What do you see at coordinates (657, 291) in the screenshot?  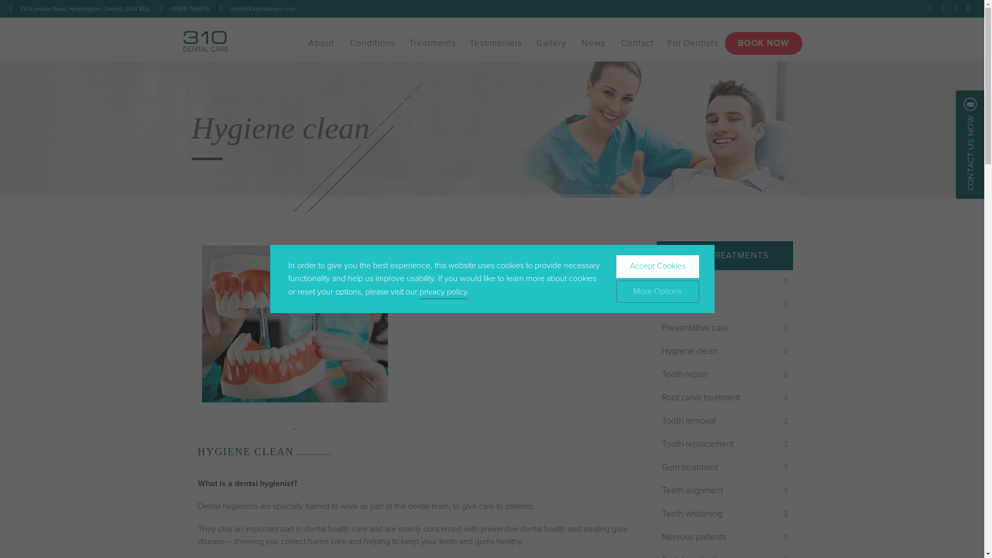 I see `'More Options'` at bounding box center [657, 291].